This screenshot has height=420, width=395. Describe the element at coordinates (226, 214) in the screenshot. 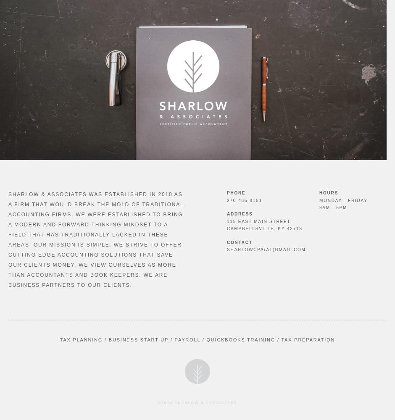

I see `'Address'` at that location.